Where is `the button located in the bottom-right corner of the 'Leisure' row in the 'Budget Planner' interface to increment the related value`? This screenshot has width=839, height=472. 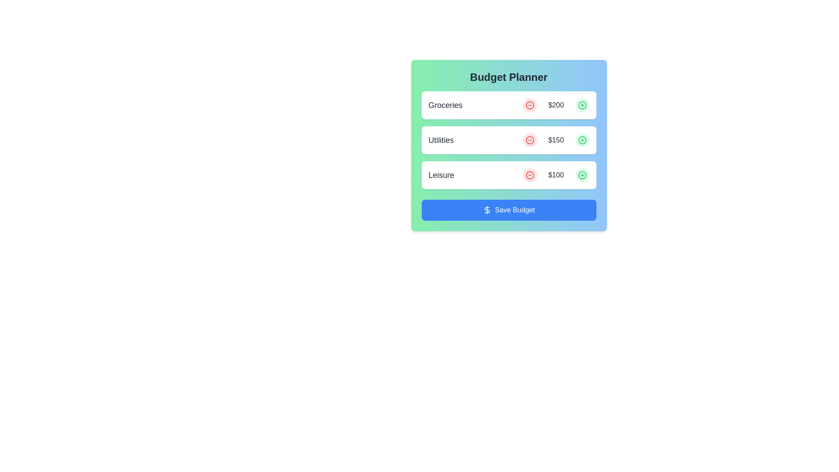
the button located in the bottom-right corner of the 'Leisure' row in the 'Budget Planner' interface to increment the related value is located at coordinates (582, 175).